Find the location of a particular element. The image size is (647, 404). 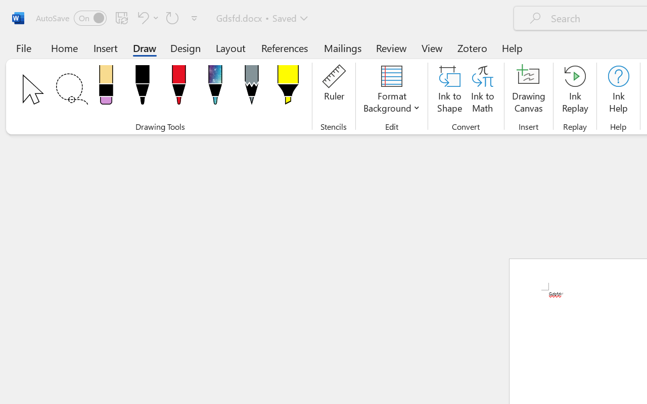

'Drawing Canvas' is located at coordinates (528, 90).